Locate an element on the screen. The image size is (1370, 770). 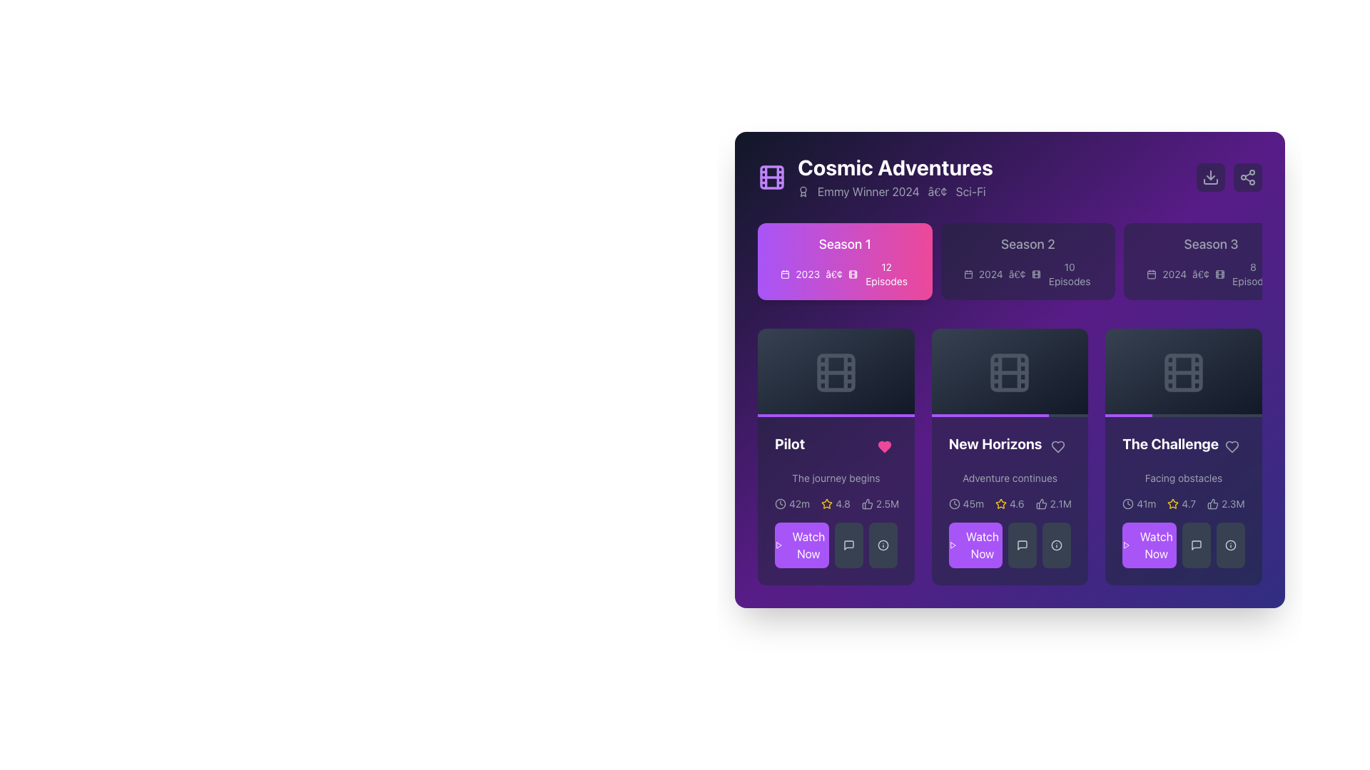
the text label that provides additional context for the 'New Horizons' episode, located directly below the episode title is located at coordinates (1009, 478).